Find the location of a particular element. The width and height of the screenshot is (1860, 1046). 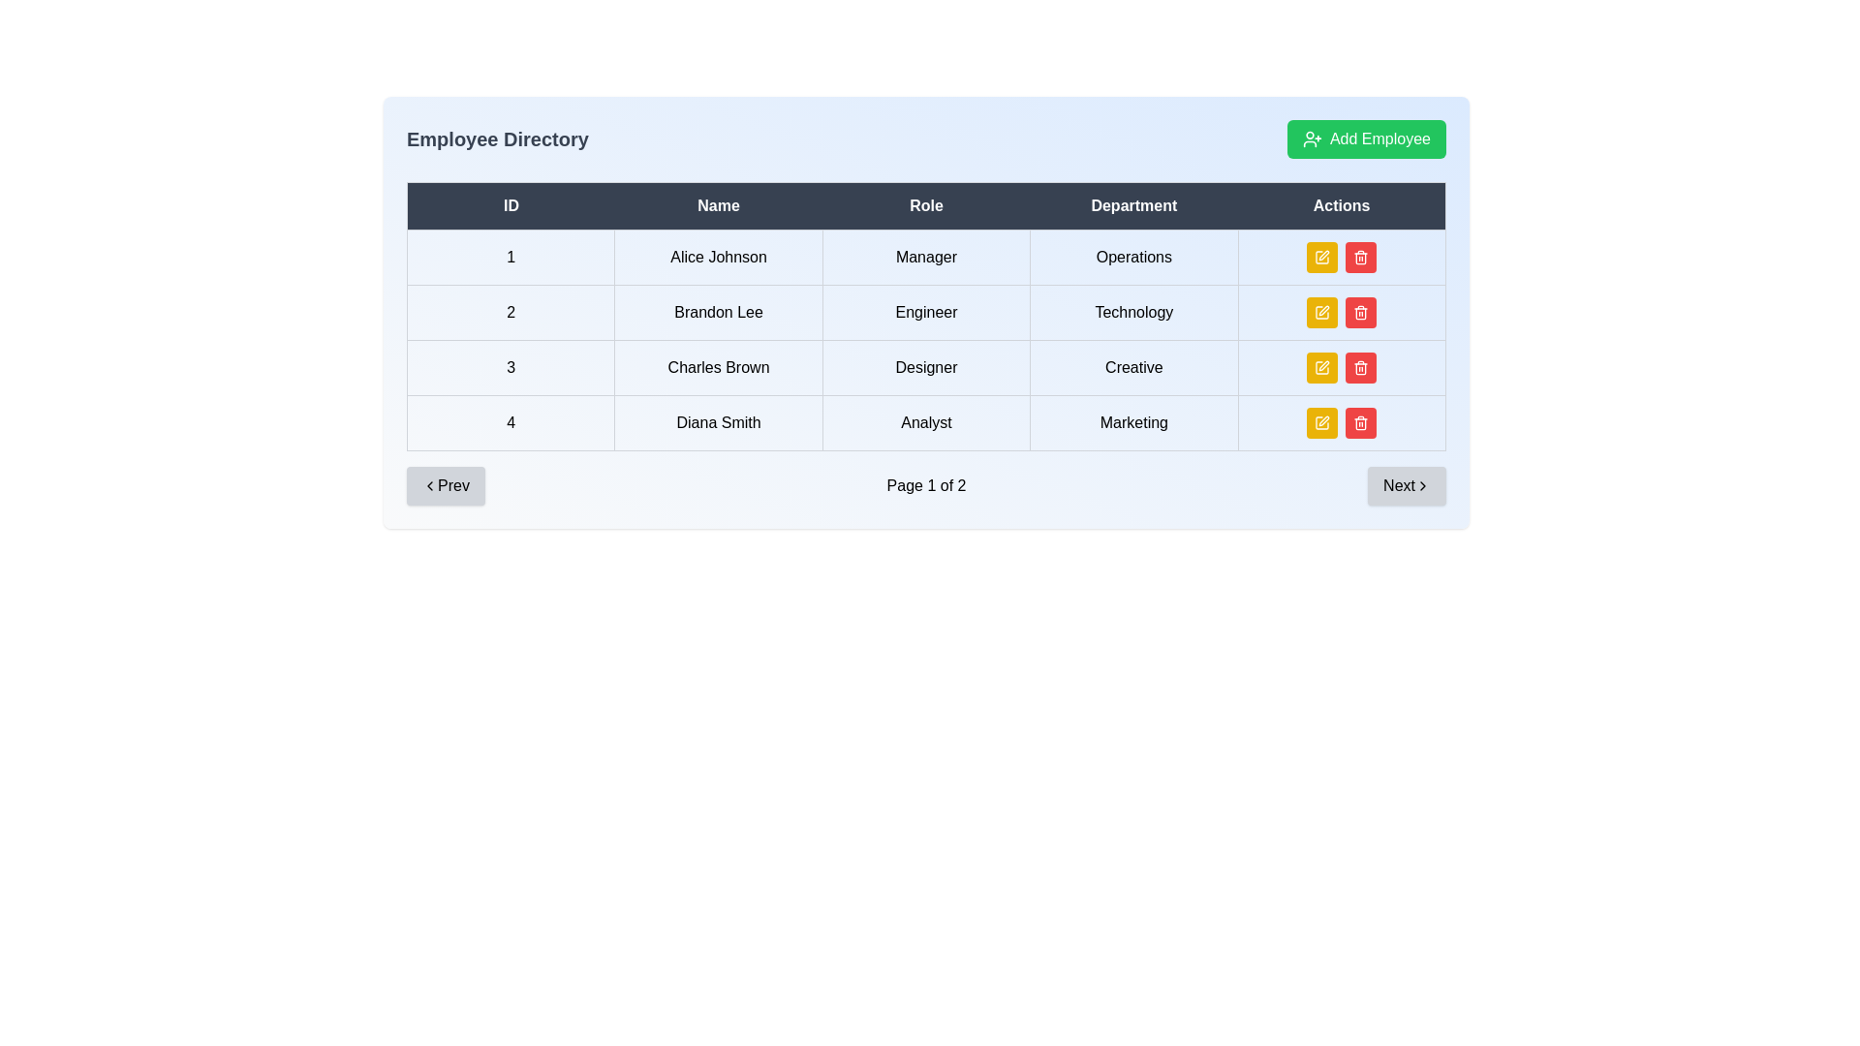

the text label 'Alice Johnson' in the employee directory table, located in the second cell of the first row under the 'Name' column is located at coordinates (718, 257).